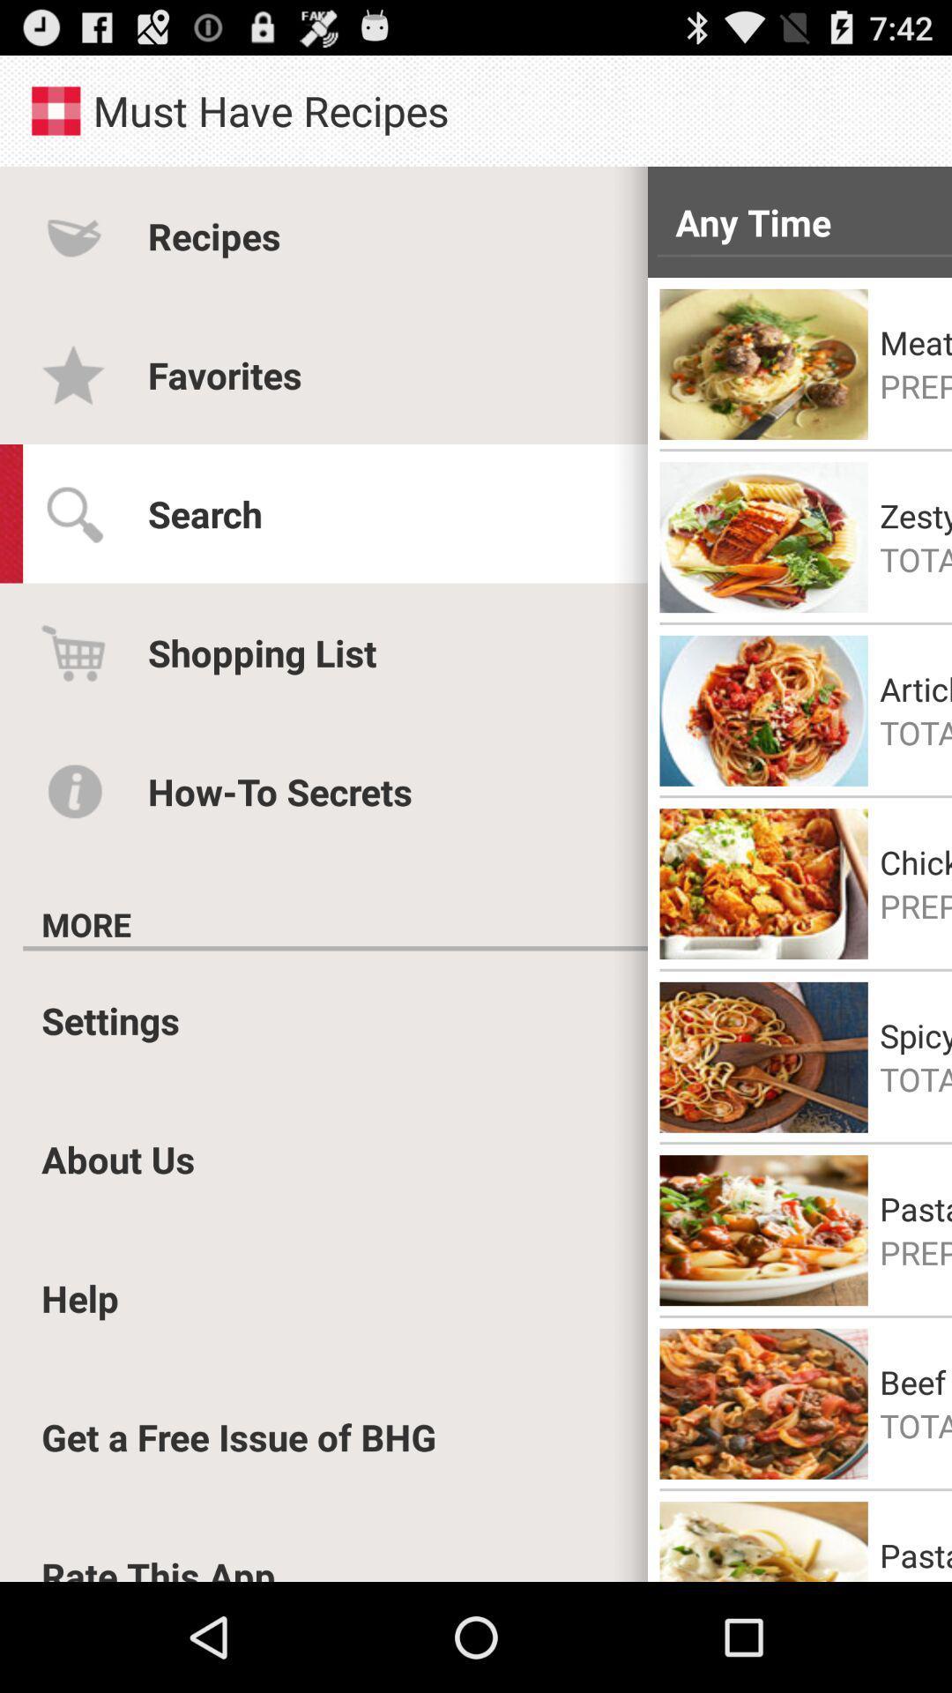 The width and height of the screenshot is (952, 1693). I want to click on the more app, so click(86, 923).